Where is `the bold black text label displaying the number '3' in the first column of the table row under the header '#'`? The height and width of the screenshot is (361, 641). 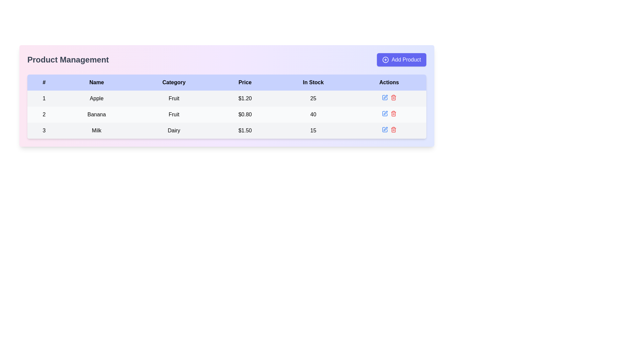 the bold black text label displaying the number '3' in the first column of the table row under the header '#' is located at coordinates (44, 130).